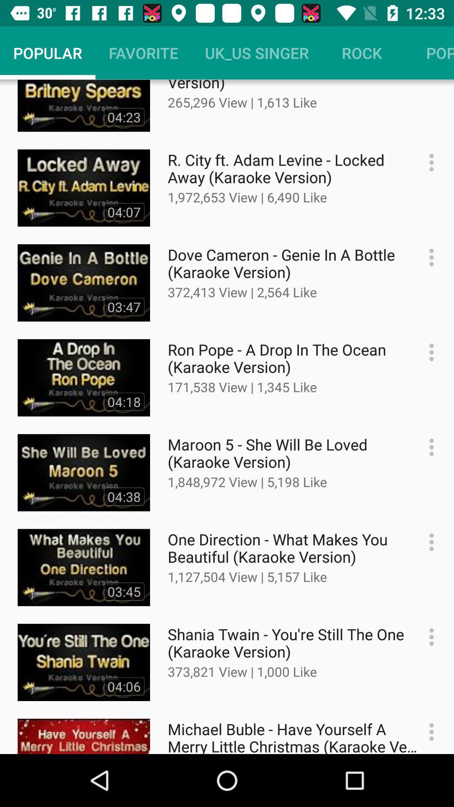  What do you see at coordinates (427, 352) in the screenshot?
I see `open other settings` at bounding box center [427, 352].